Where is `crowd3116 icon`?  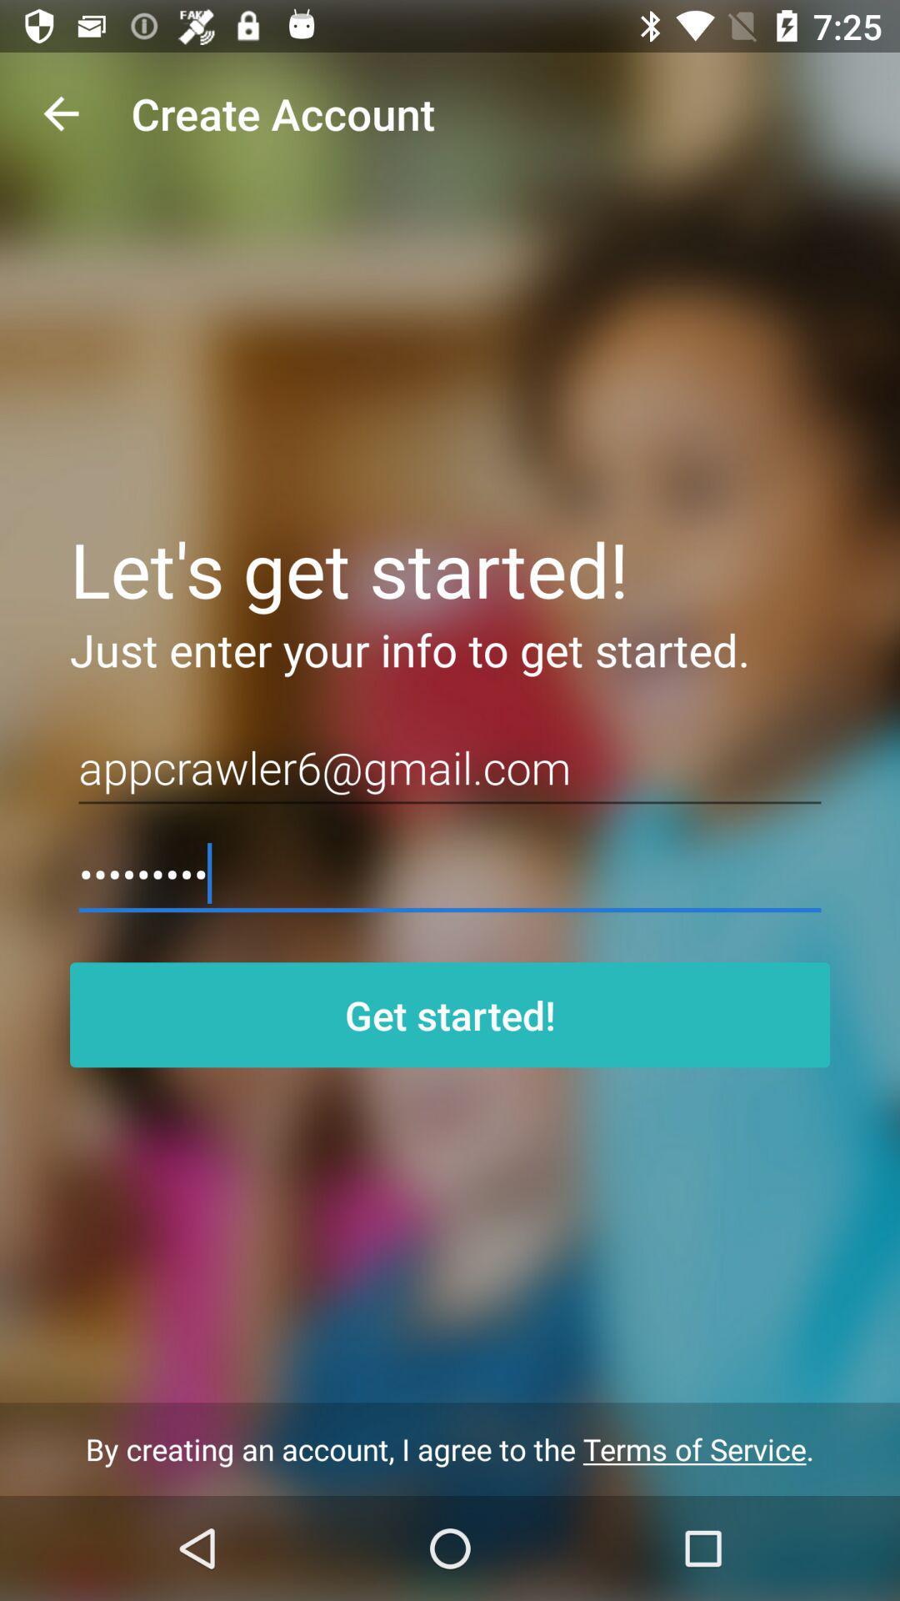
crowd3116 icon is located at coordinates (450, 873).